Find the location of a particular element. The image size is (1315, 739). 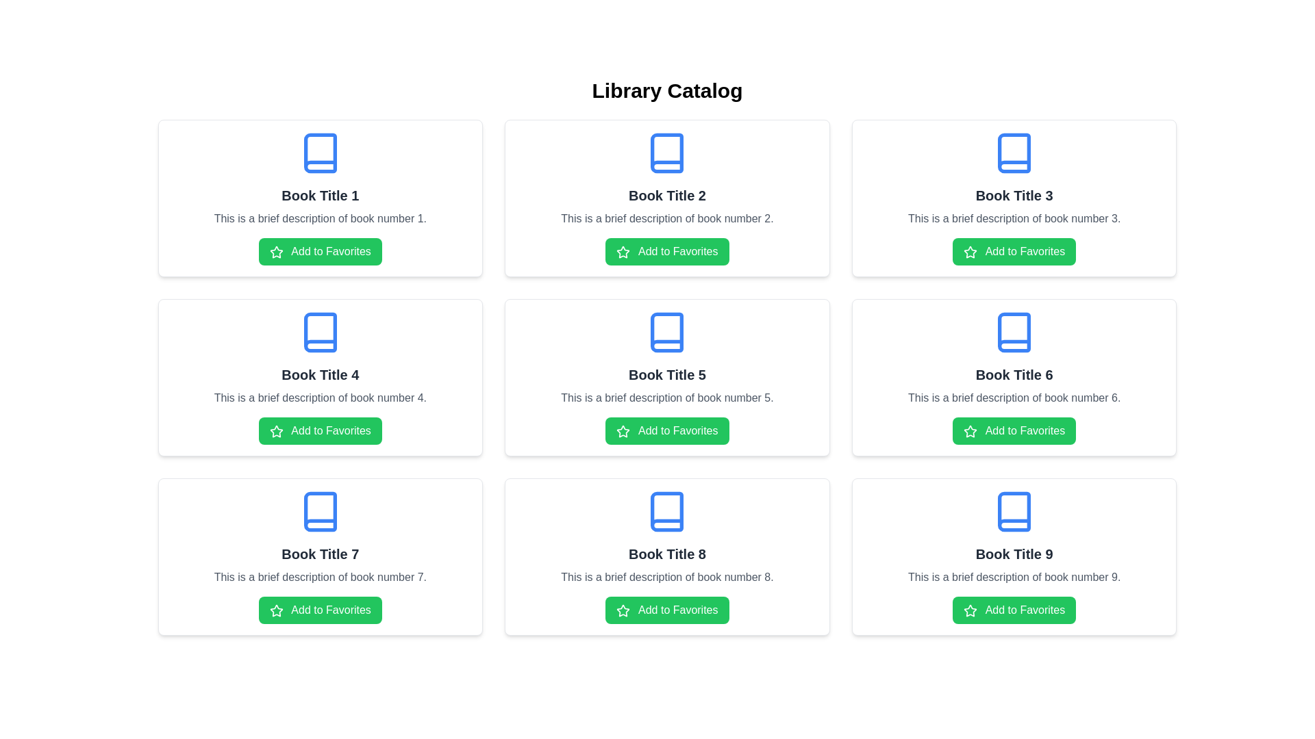

the green 'Add to Favorites' button with a star icon located at the bottom of the 'Book Title 9' card is located at coordinates (1014, 609).